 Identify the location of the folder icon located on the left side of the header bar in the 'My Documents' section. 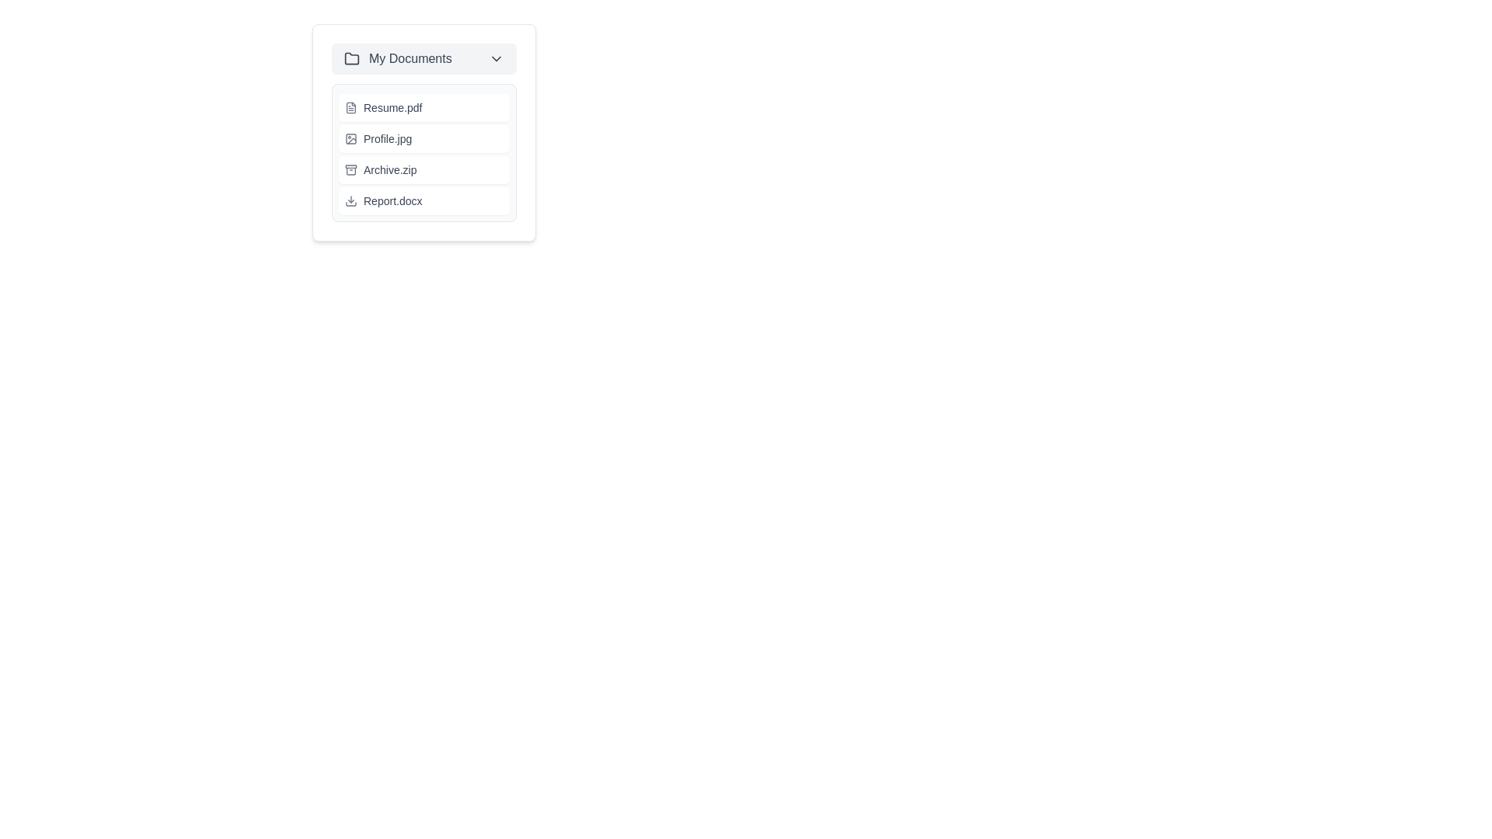
(350, 58).